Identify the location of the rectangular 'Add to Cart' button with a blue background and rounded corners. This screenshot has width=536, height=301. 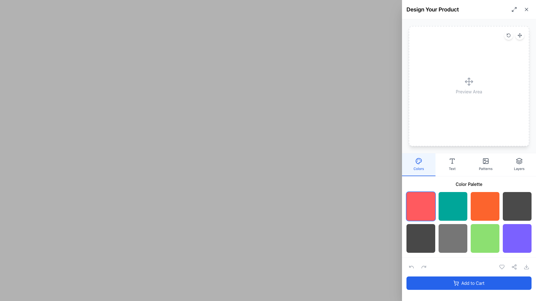
(469, 283).